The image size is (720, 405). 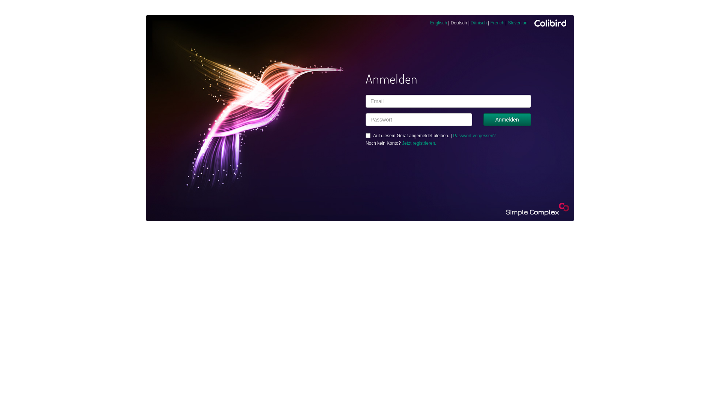 What do you see at coordinates (438, 22) in the screenshot?
I see `'Englisch'` at bounding box center [438, 22].